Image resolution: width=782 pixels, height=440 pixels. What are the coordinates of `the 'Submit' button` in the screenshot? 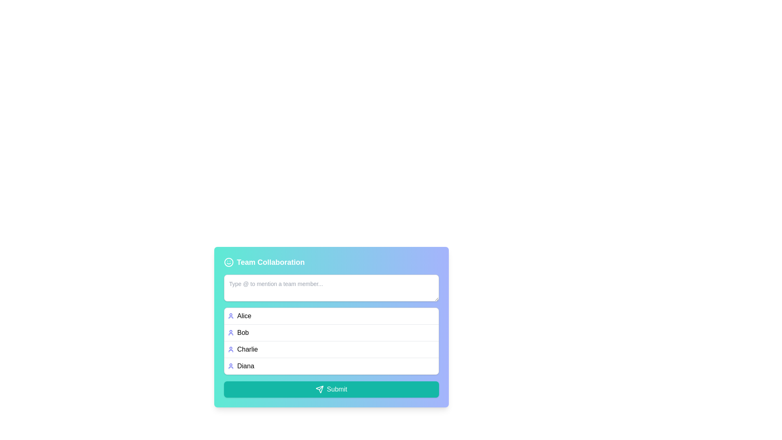 It's located at (331, 389).